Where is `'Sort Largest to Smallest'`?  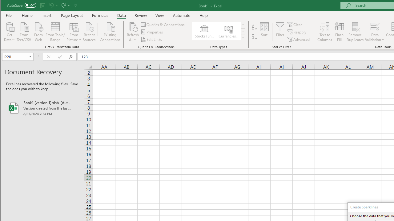
'Sort Largest to Smallest' is located at coordinates (255, 37).